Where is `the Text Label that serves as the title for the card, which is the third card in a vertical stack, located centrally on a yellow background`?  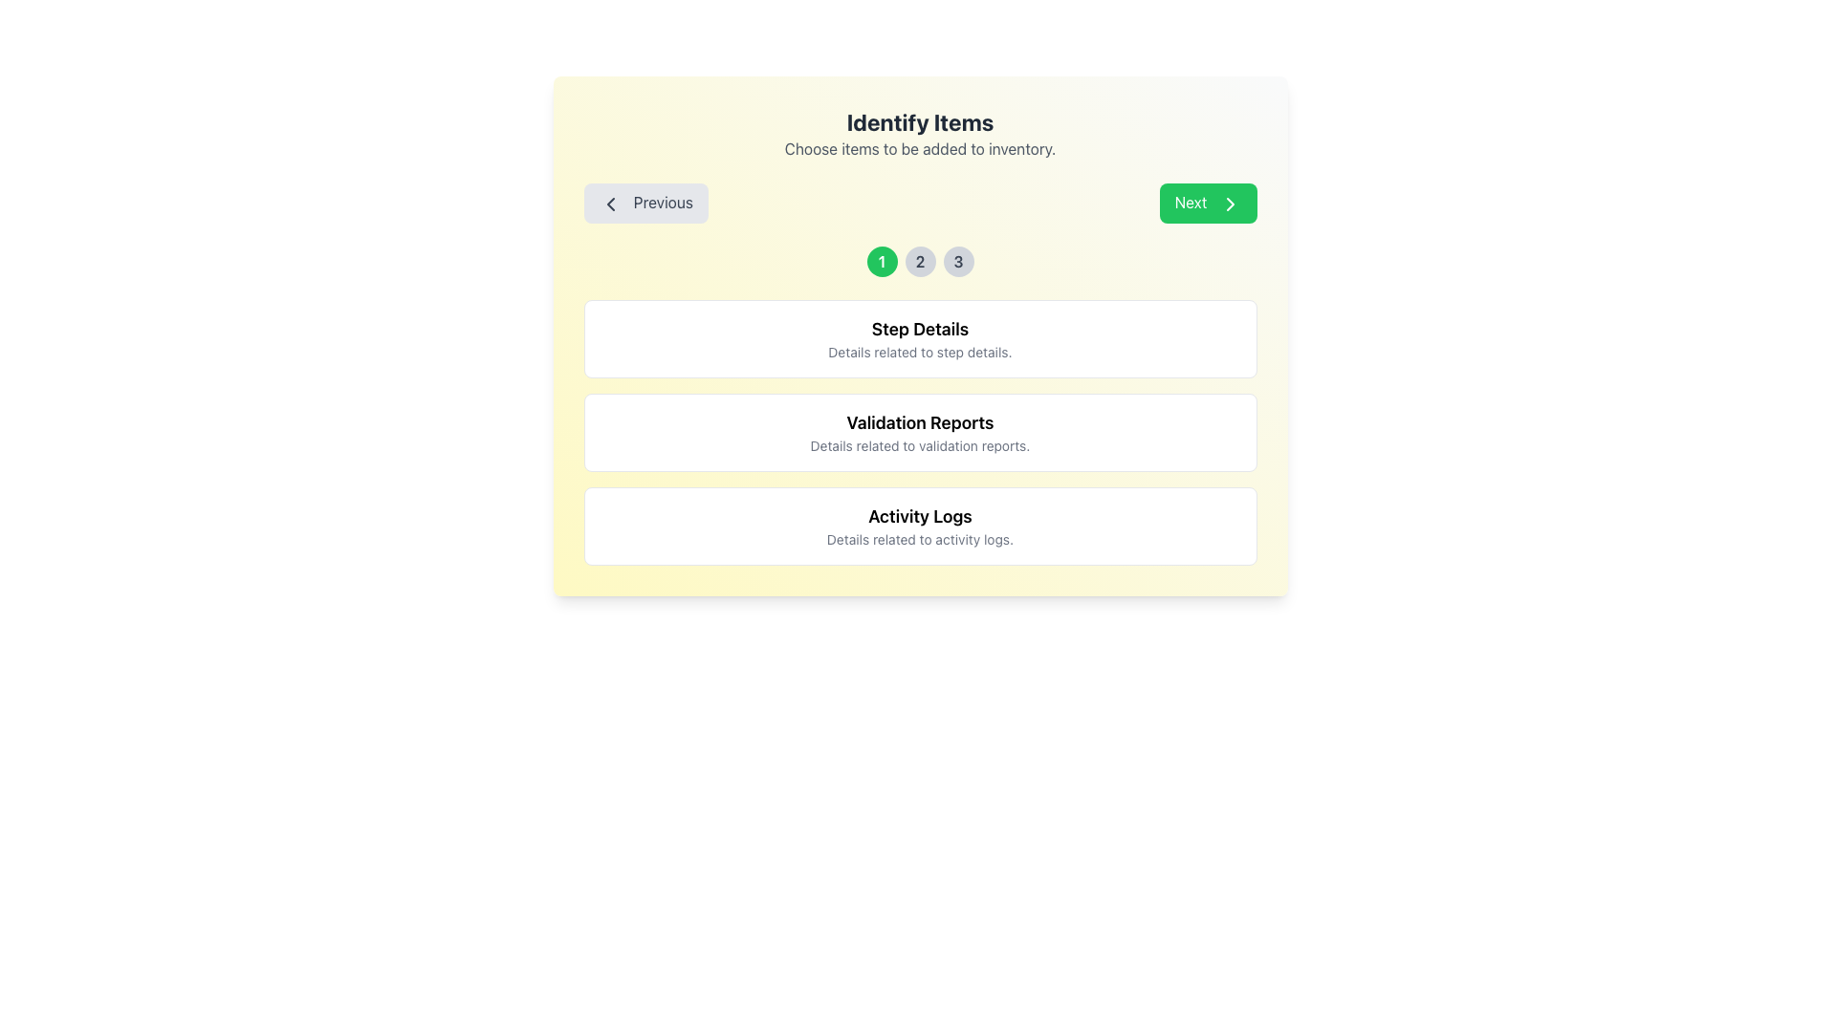
the Text Label that serves as the title for the card, which is the third card in a vertical stack, located centrally on a yellow background is located at coordinates (920, 516).